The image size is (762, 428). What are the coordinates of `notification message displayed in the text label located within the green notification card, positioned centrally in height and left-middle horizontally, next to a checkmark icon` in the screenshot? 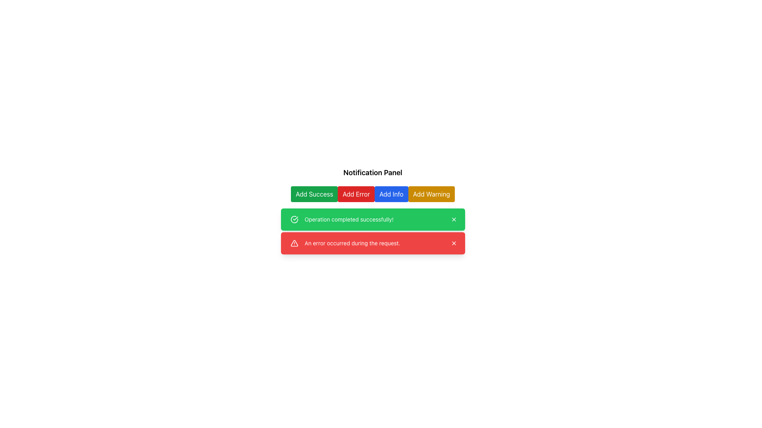 It's located at (349, 220).